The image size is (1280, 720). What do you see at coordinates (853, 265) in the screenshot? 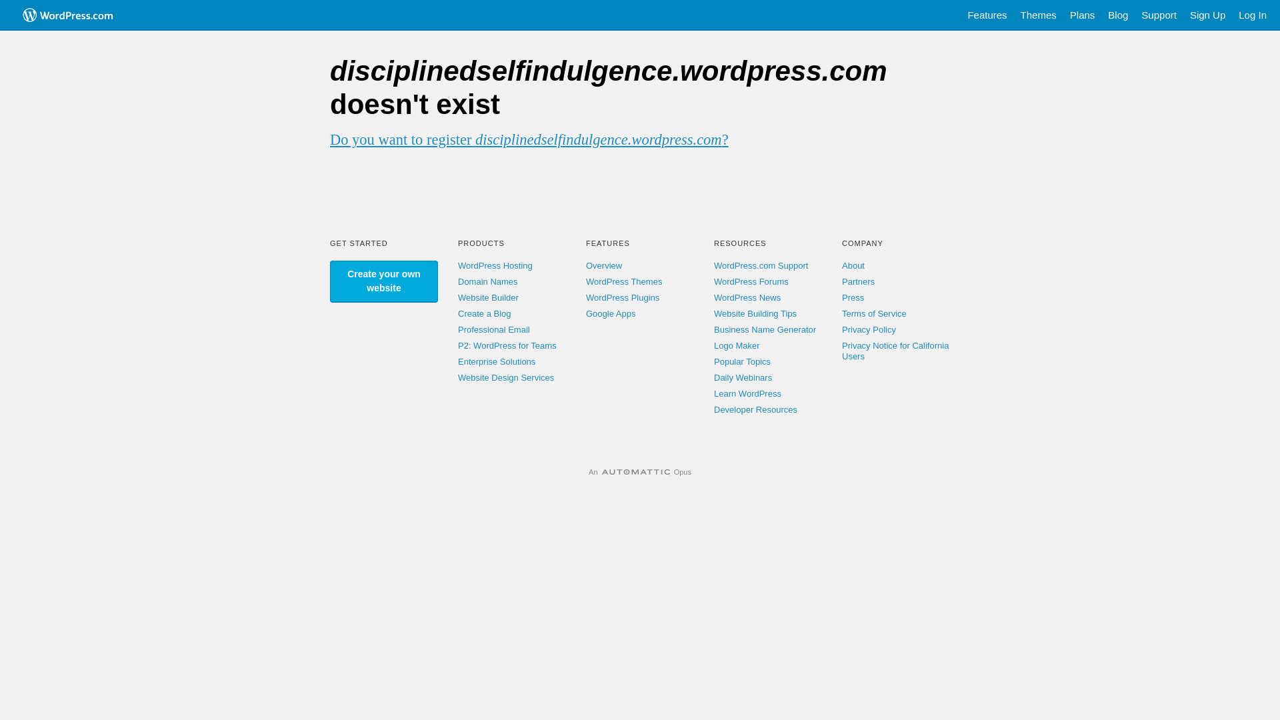
I see `'About'` at bounding box center [853, 265].